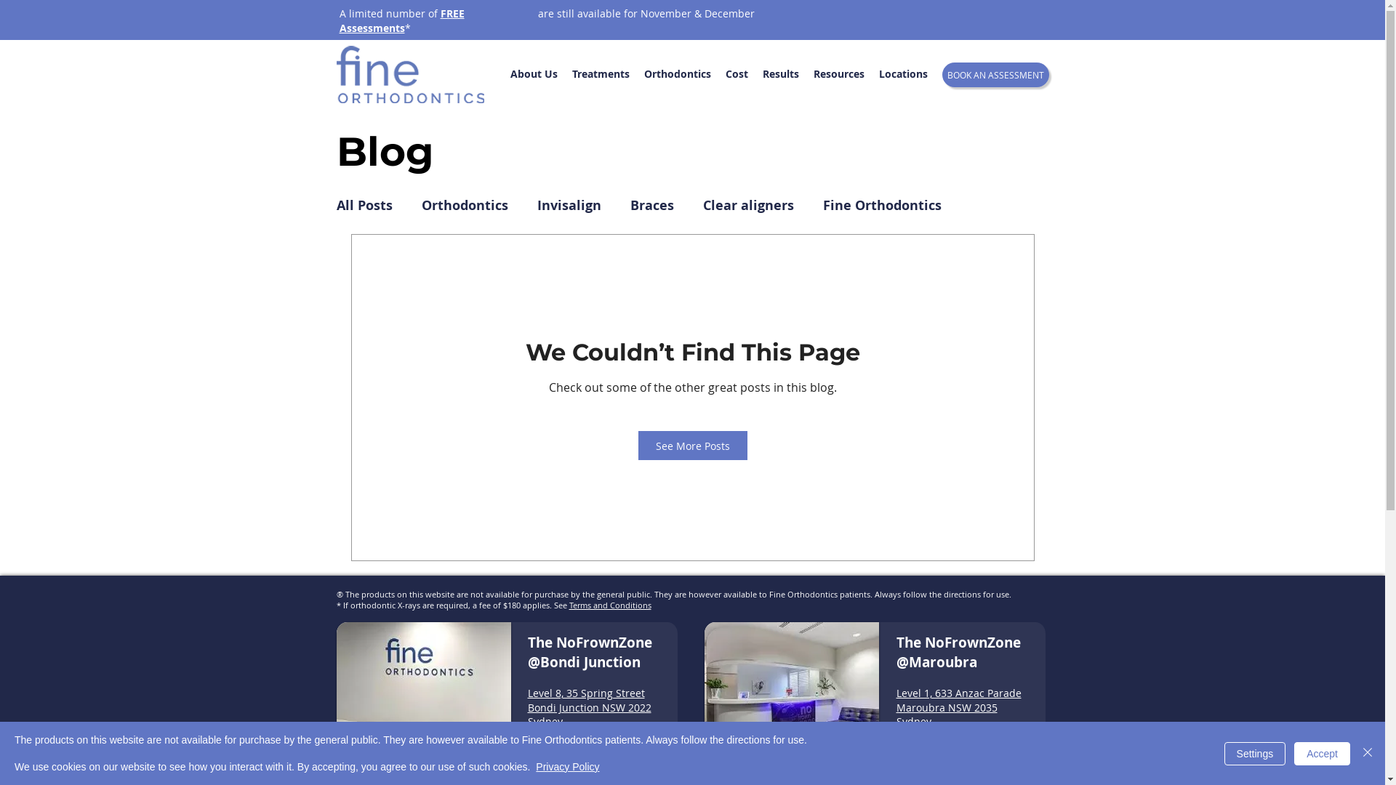  I want to click on 'Results', so click(754, 74).